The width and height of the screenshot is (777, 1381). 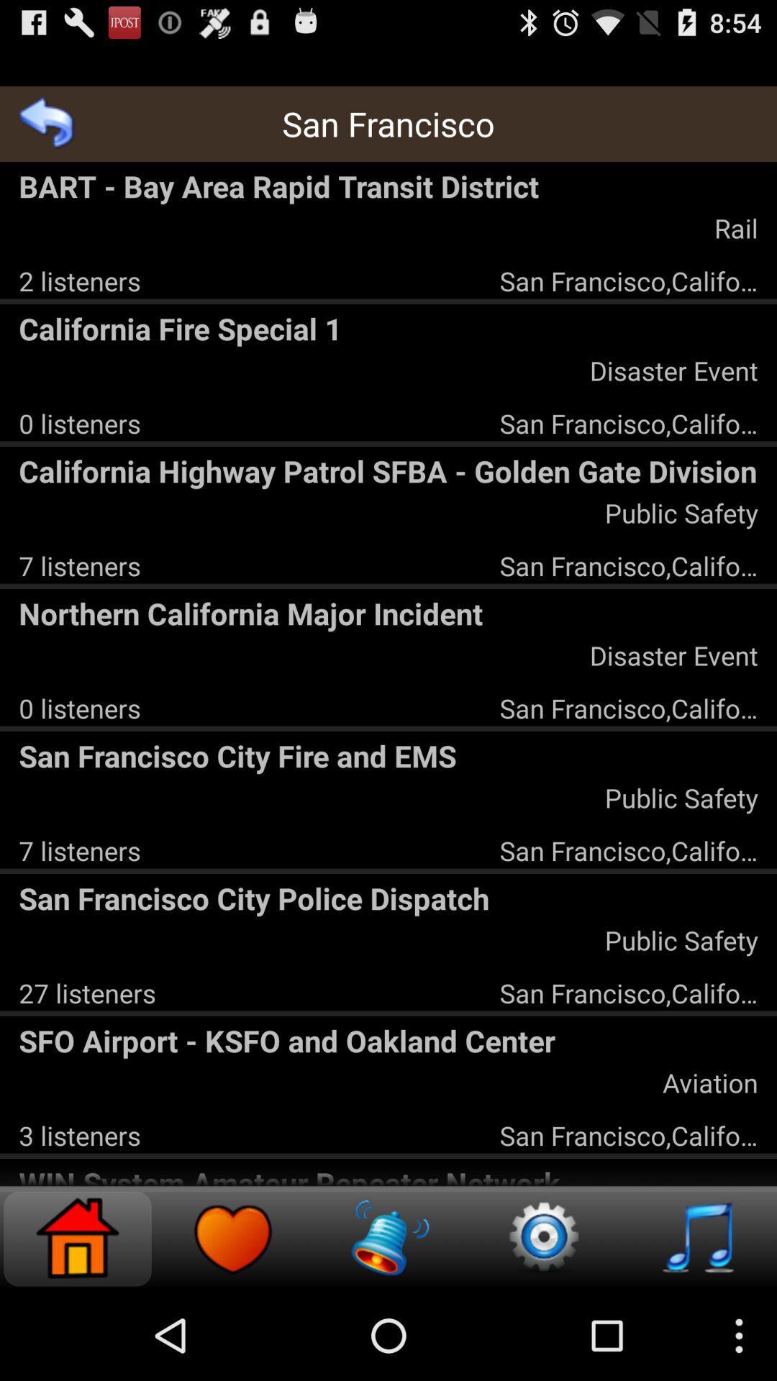 What do you see at coordinates (388, 1174) in the screenshot?
I see `win system amateur icon` at bounding box center [388, 1174].